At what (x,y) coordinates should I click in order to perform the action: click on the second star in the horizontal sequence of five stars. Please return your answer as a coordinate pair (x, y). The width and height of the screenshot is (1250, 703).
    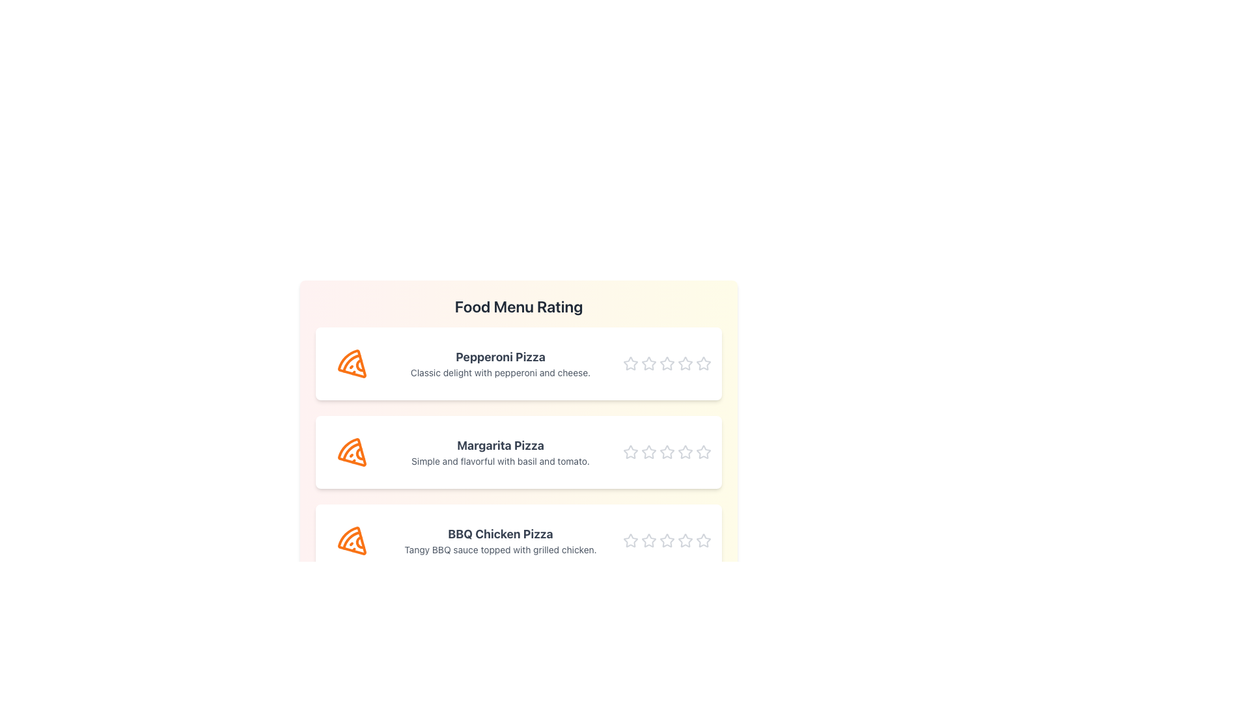
    Looking at the image, I should click on (649, 451).